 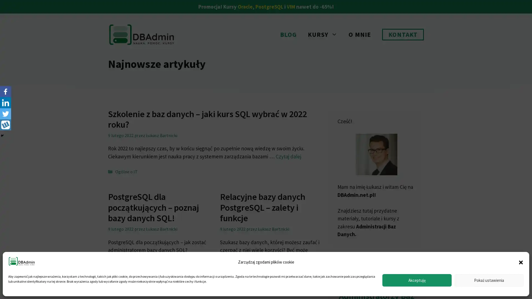 What do you see at coordinates (521, 262) in the screenshot?
I see `close-dialog` at bounding box center [521, 262].